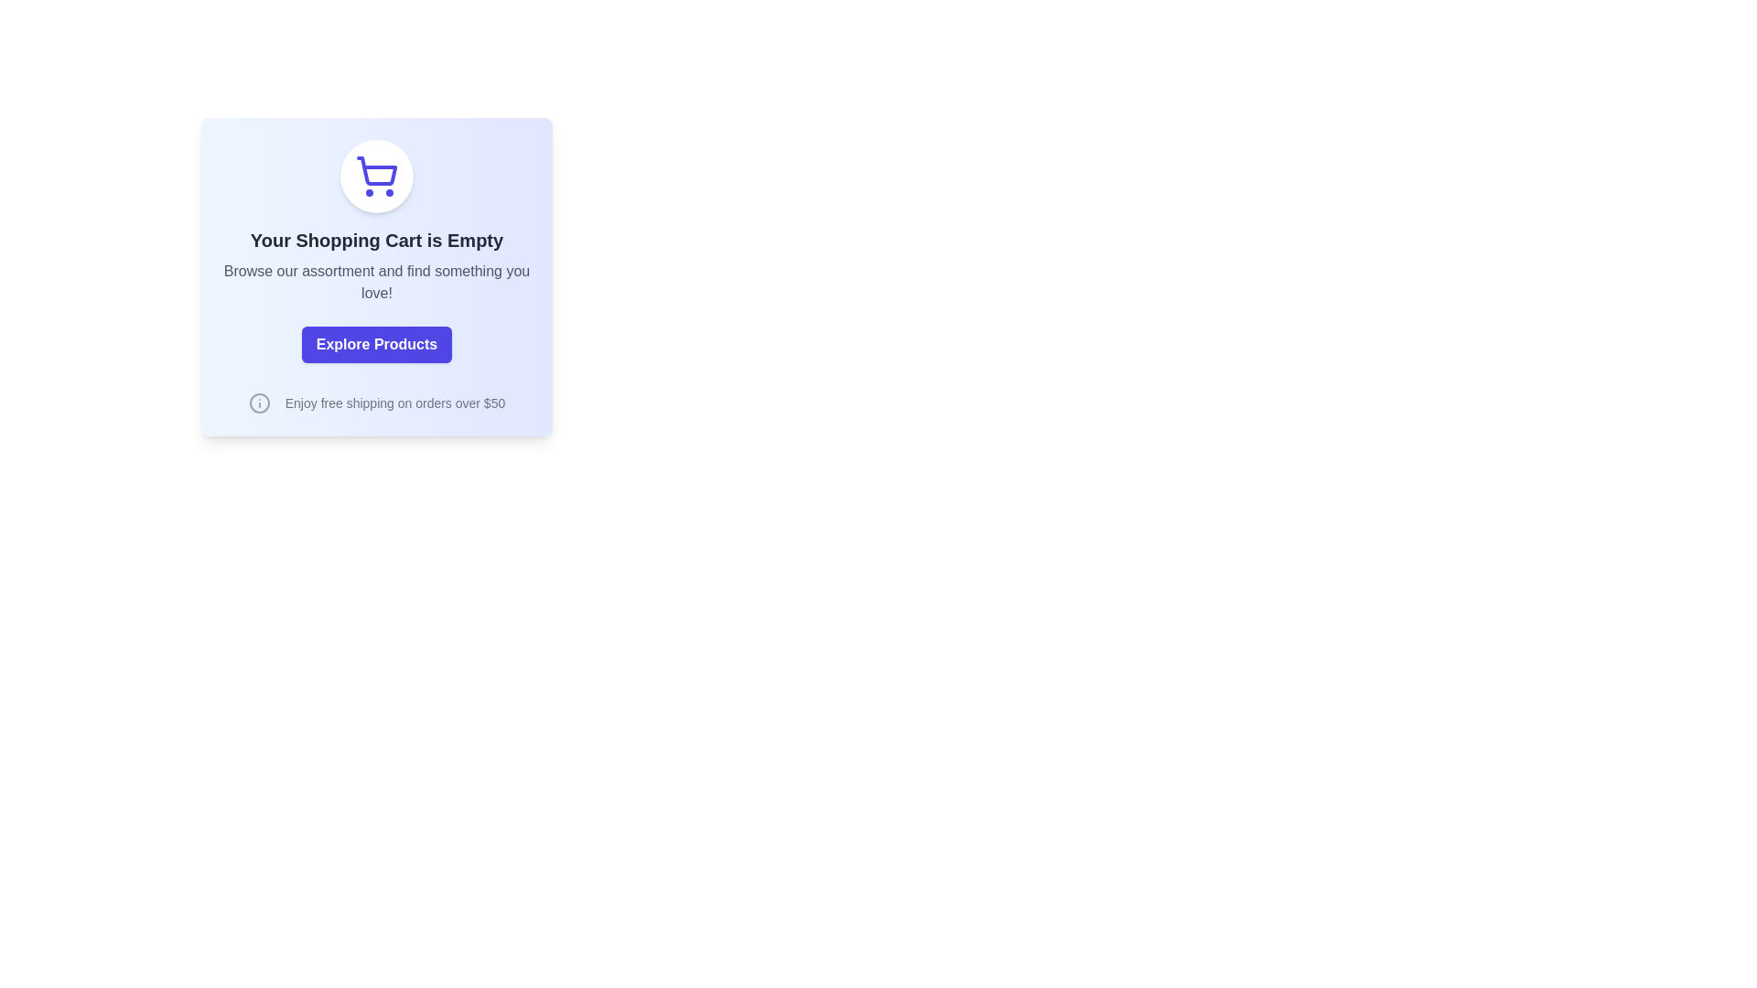 This screenshot has height=988, width=1757. Describe the element at coordinates (376, 171) in the screenshot. I see `the stylized shopping cart icon, which is a bold indigo outlined vector graphic within an SVG element, located centrally above the text on the UI card` at that location.